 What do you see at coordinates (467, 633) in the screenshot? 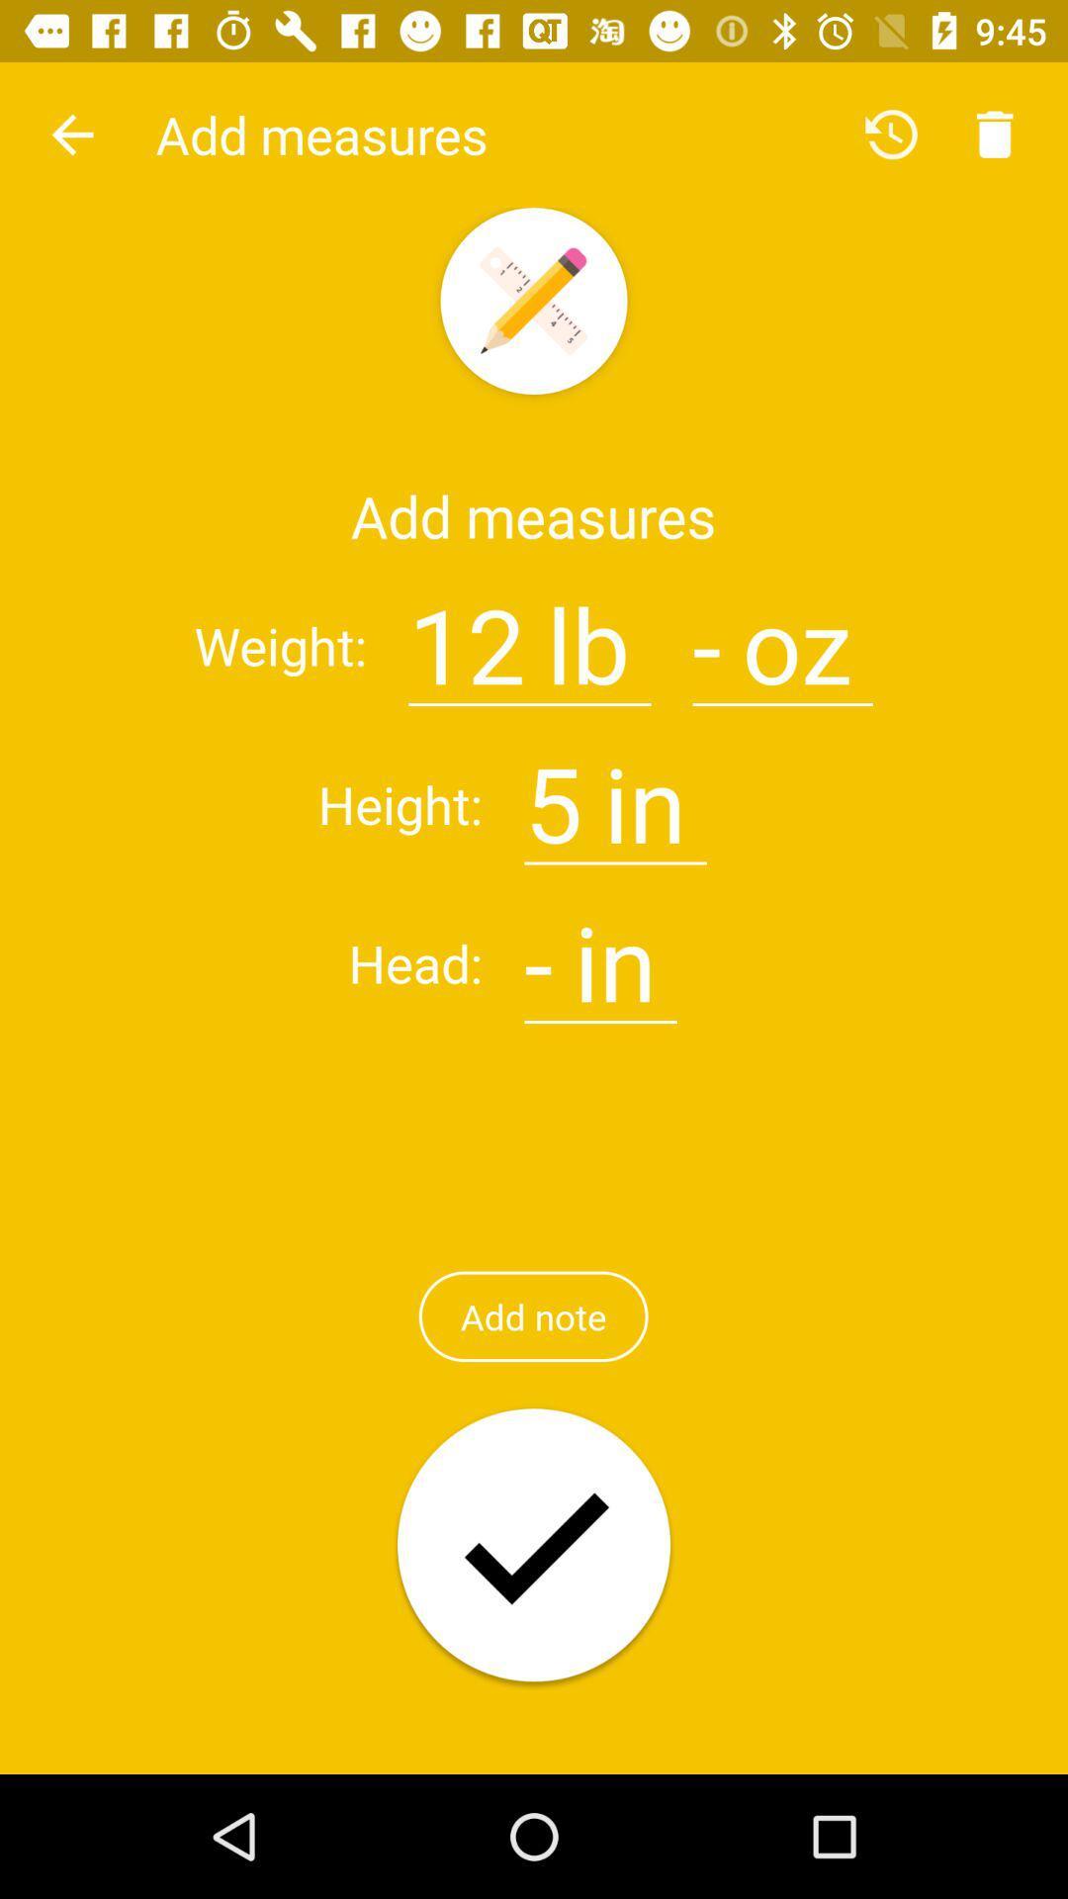
I see `the icon to the left of lb item` at bounding box center [467, 633].